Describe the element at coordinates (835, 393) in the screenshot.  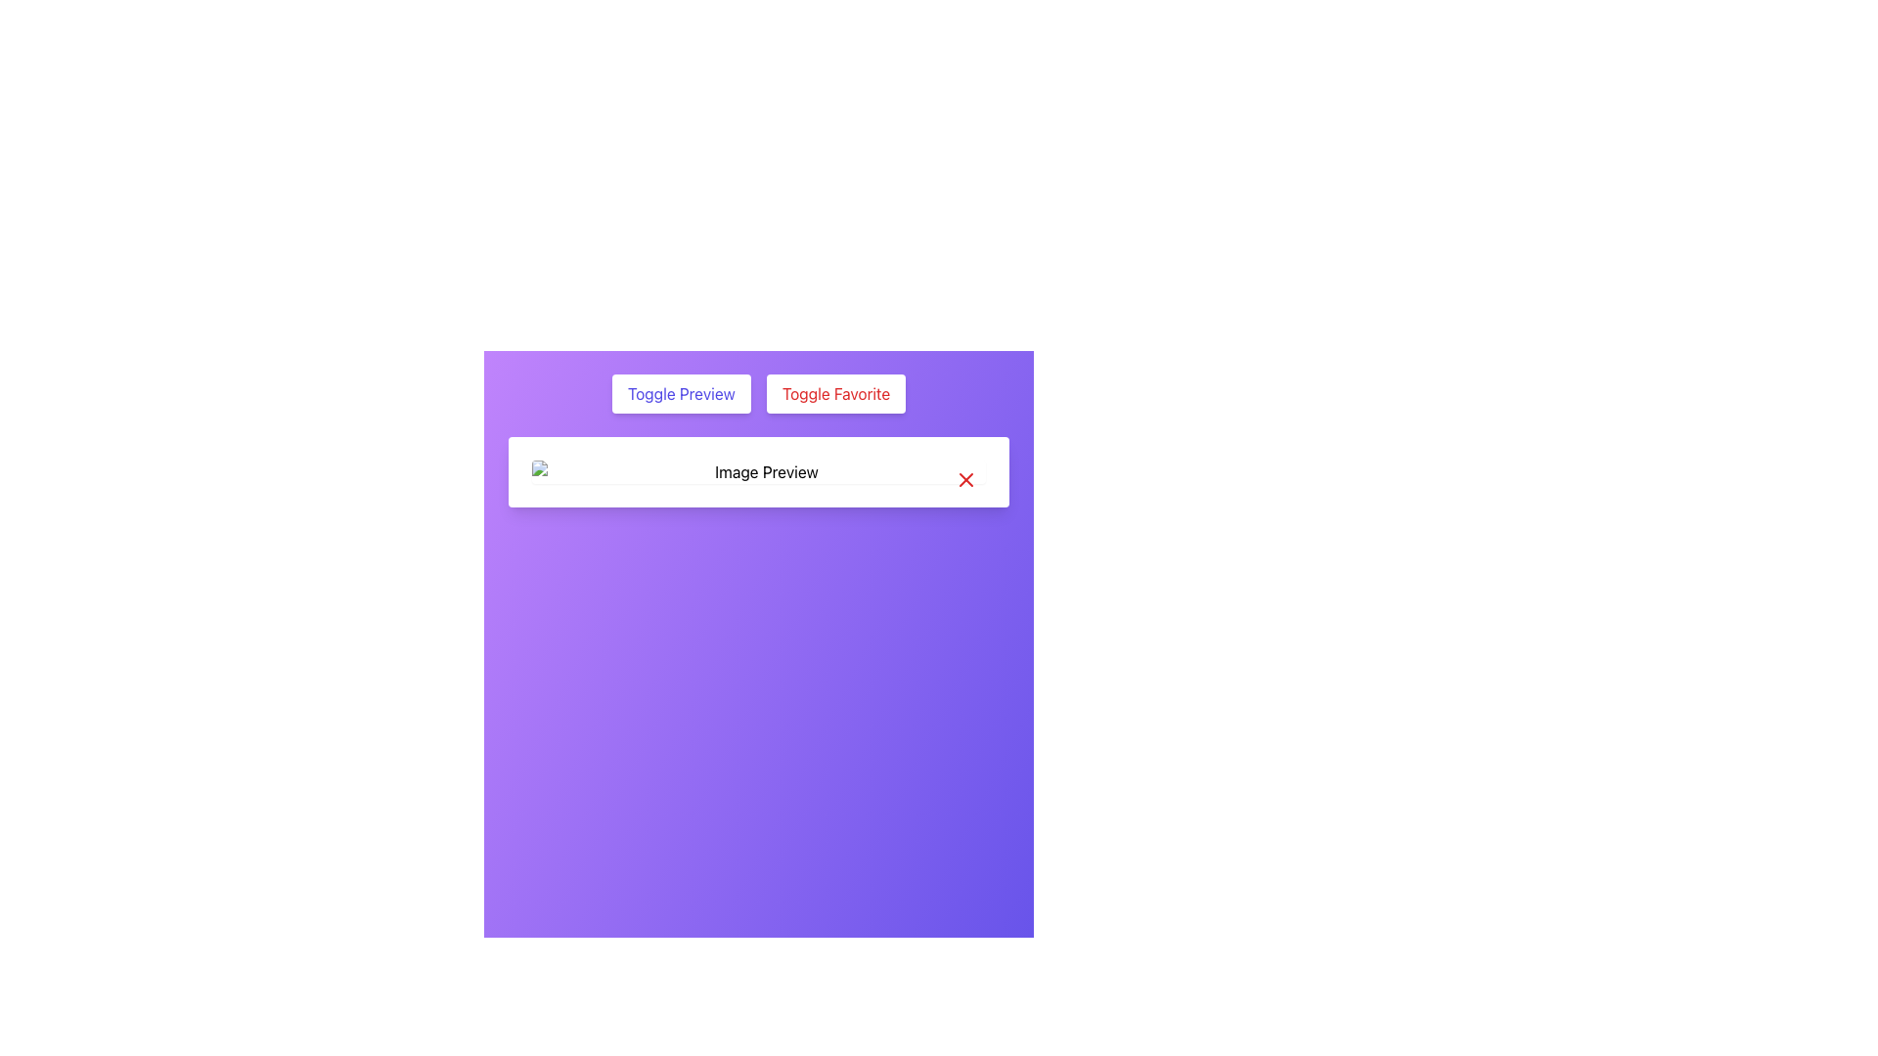
I see `the toggle button located to the right of the 'Toggle Preview' button to change the favorite status of the associated item` at that location.